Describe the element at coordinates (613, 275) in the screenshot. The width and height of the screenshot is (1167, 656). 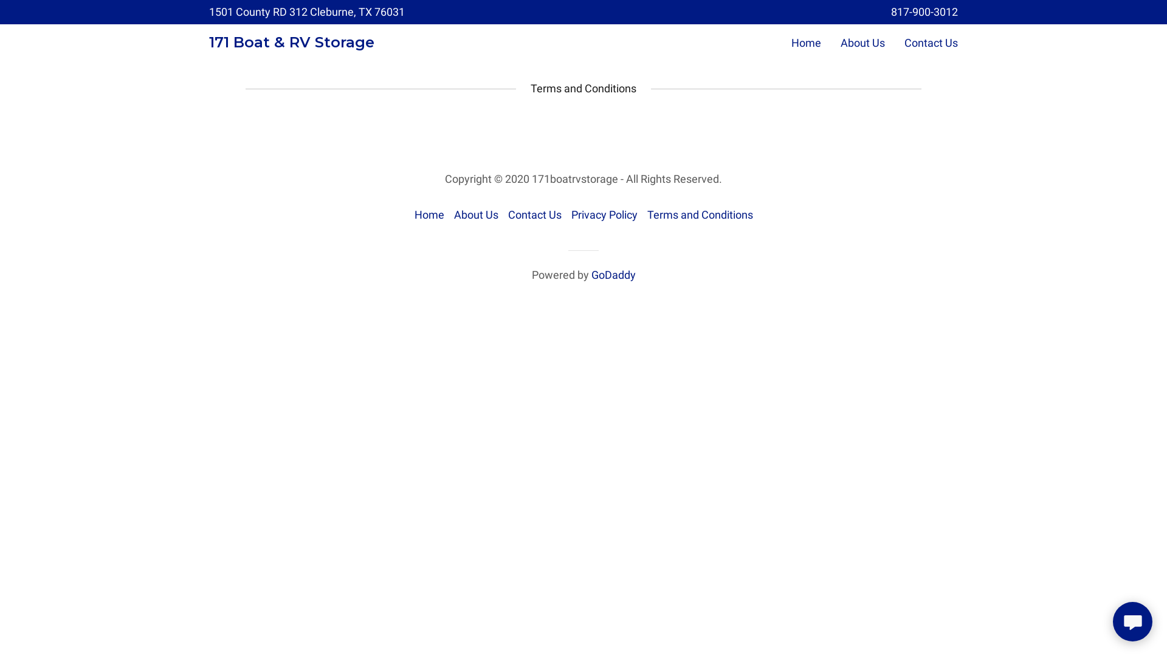
I see `'GoDaddy'` at that location.